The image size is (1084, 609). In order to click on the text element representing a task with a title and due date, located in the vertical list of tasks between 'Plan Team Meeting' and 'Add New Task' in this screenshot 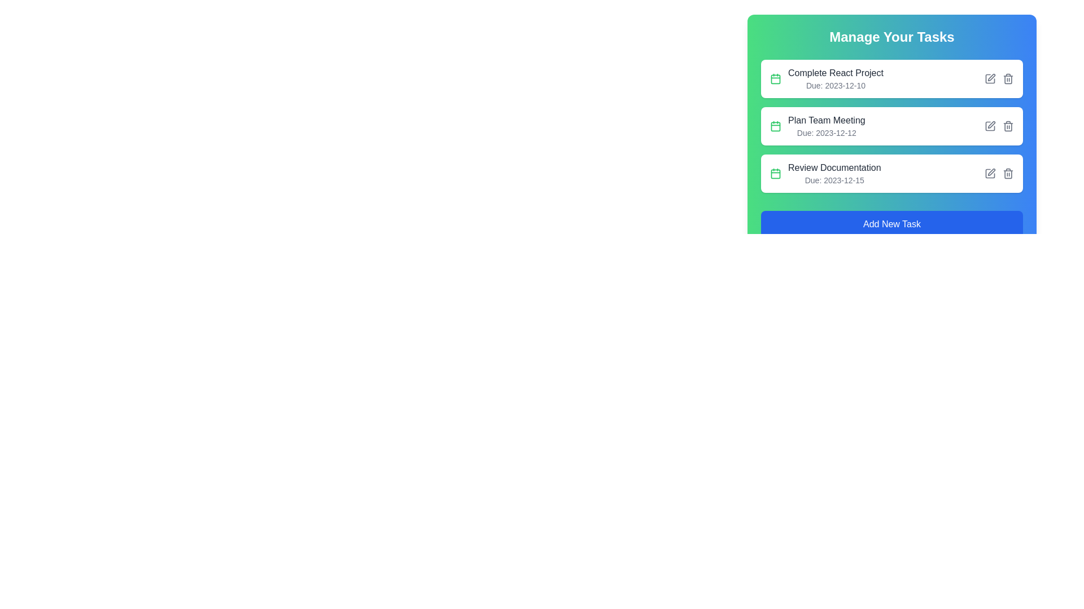, I will do `click(825, 174)`.